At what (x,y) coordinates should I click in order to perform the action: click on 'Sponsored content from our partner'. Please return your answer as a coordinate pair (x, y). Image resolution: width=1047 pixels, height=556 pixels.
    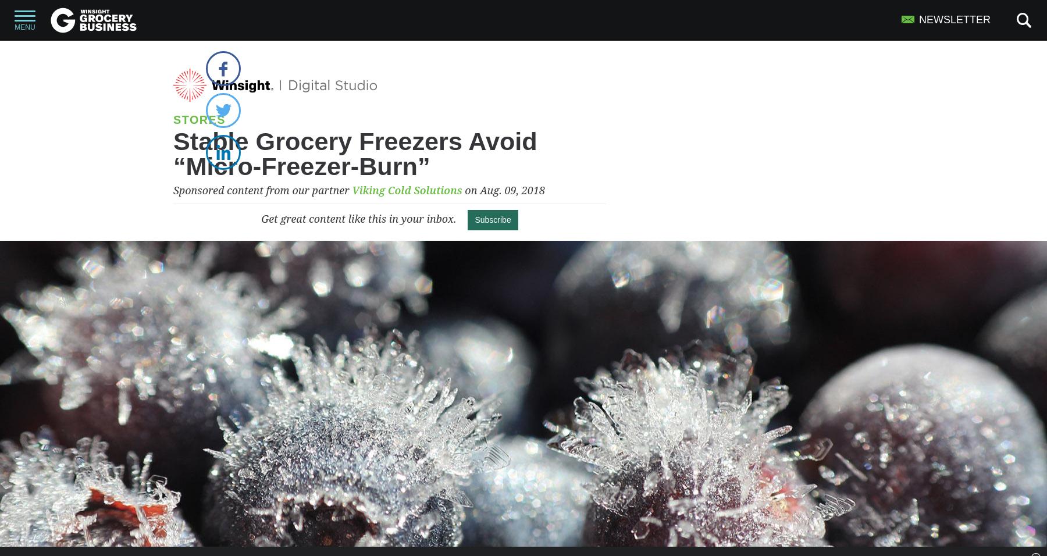
    Looking at the image, I should click on (262, 190).